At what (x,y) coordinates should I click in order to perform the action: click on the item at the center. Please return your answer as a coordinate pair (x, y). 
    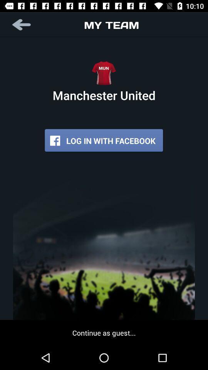
    Looking at the image, I should click on (104, 140).